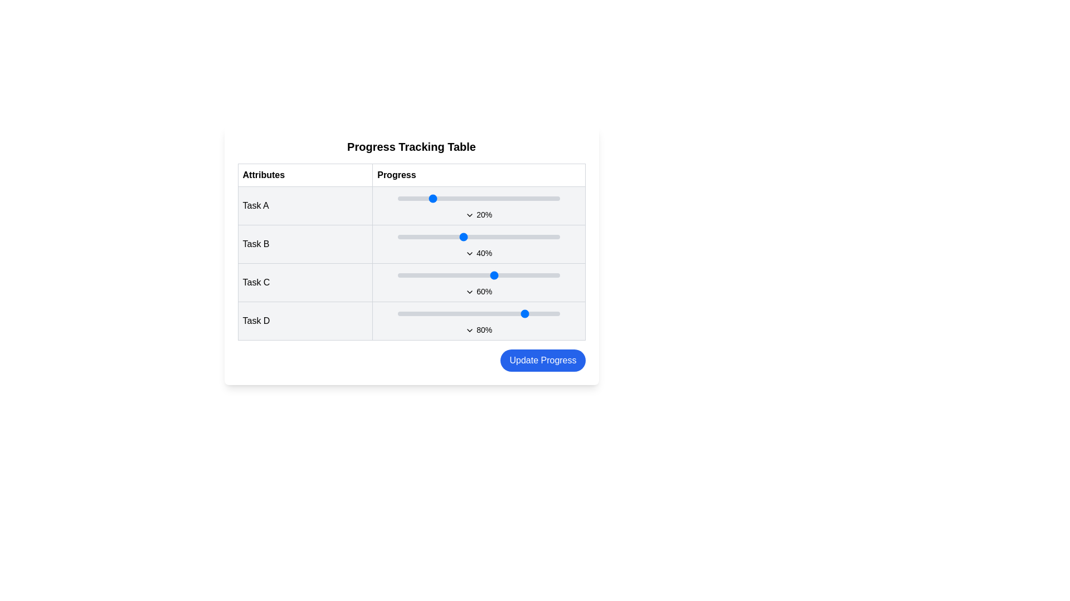  Describe the element at coordinates (456, 313) in the screenshot. I see `the Task D progress value` at that location.